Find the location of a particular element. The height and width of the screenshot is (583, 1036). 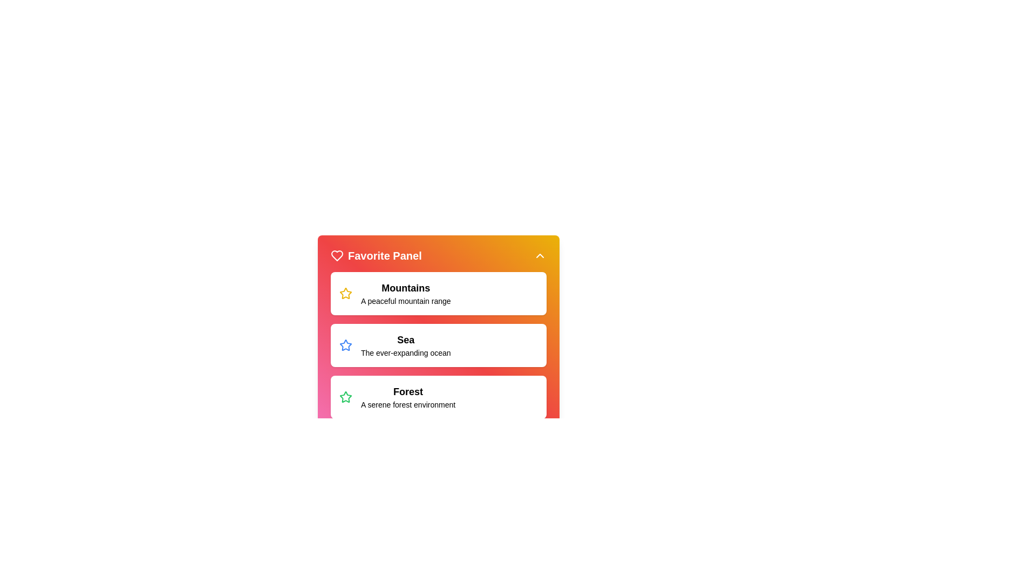

text label displaying 'Mountains' in bold at the top of the card layout is located at coordinates (405, 287).